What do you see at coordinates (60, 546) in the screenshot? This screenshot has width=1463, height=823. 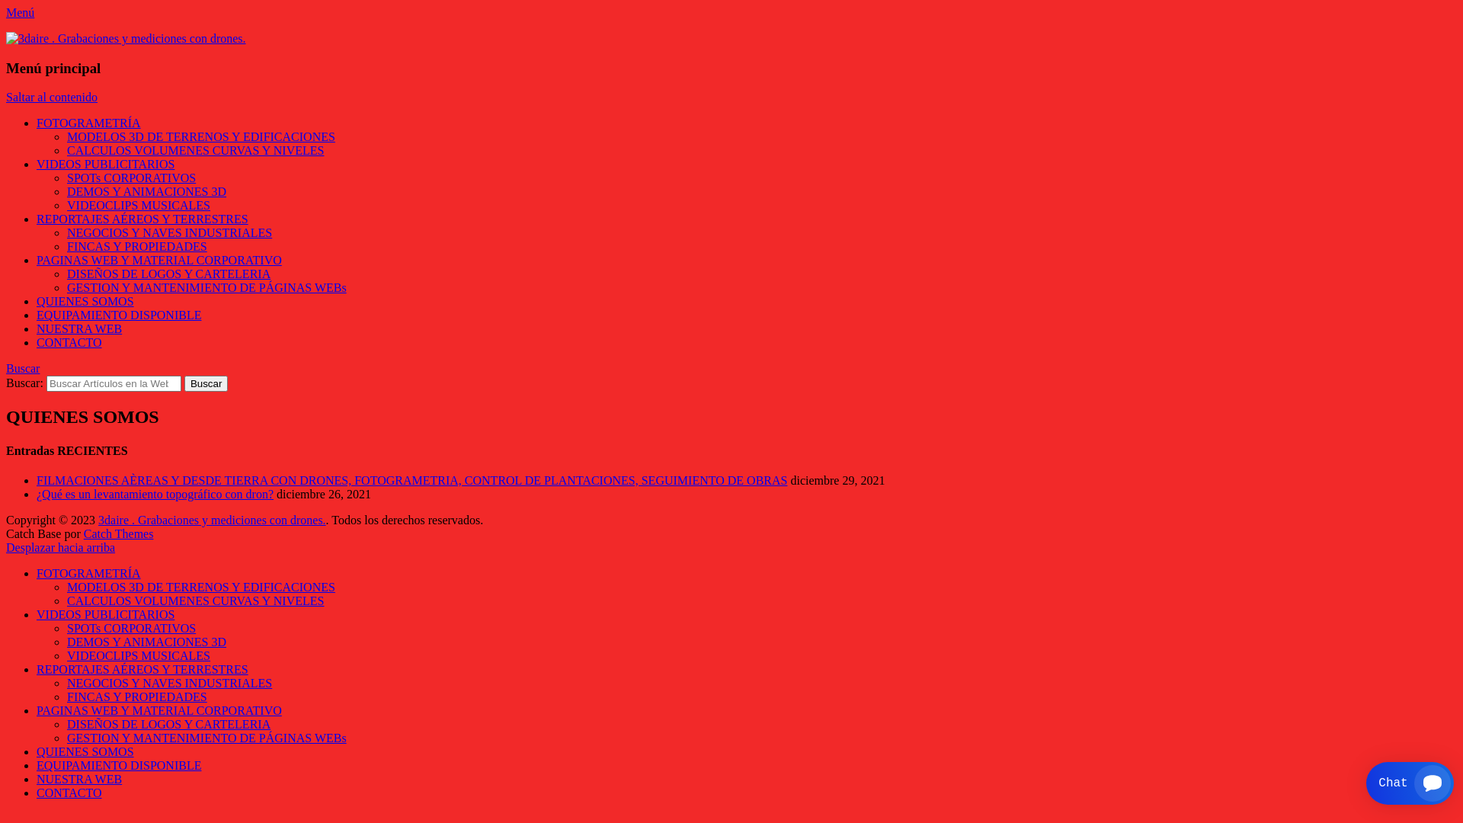 I see `'Desplazar hacia arriba'` at bounding box center [60, 546].